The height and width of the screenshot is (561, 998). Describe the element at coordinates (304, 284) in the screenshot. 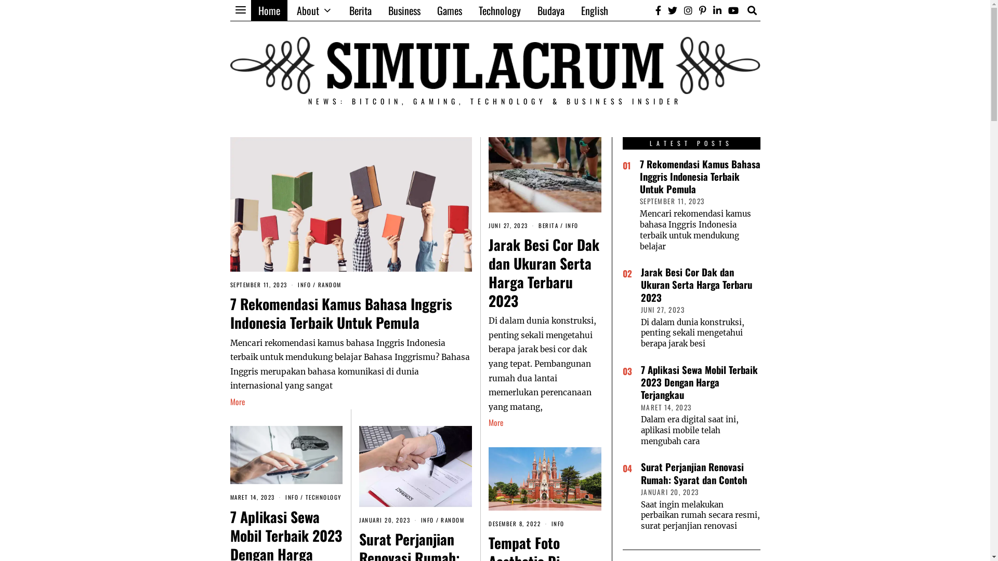

I see `'INFO'` at that location.